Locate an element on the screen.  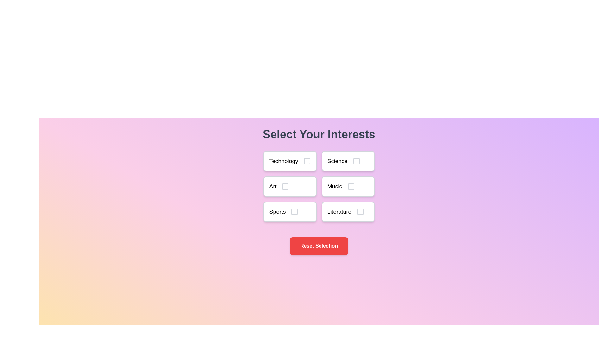
the topic Technology is located at coordinates (290, 161).